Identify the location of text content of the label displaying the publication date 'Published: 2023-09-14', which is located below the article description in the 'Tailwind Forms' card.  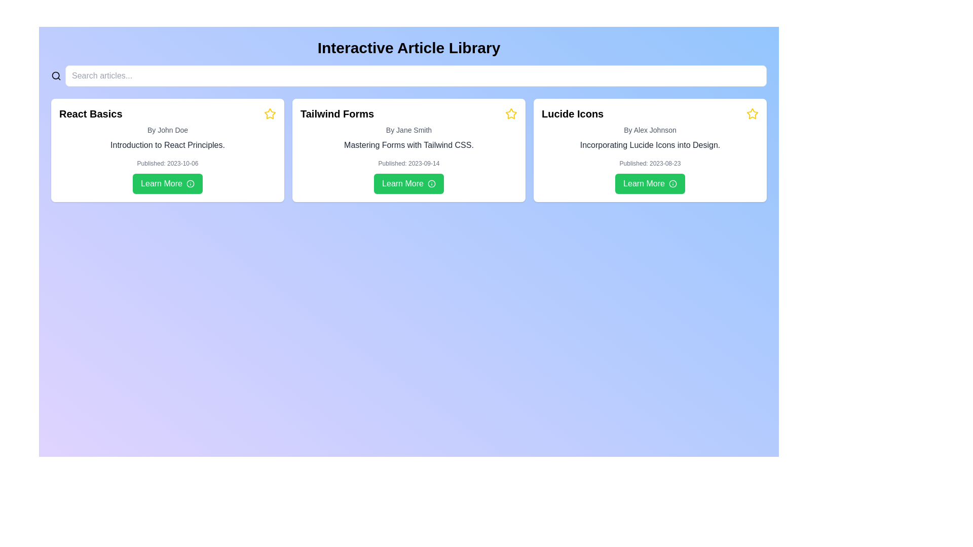
(408, 163).